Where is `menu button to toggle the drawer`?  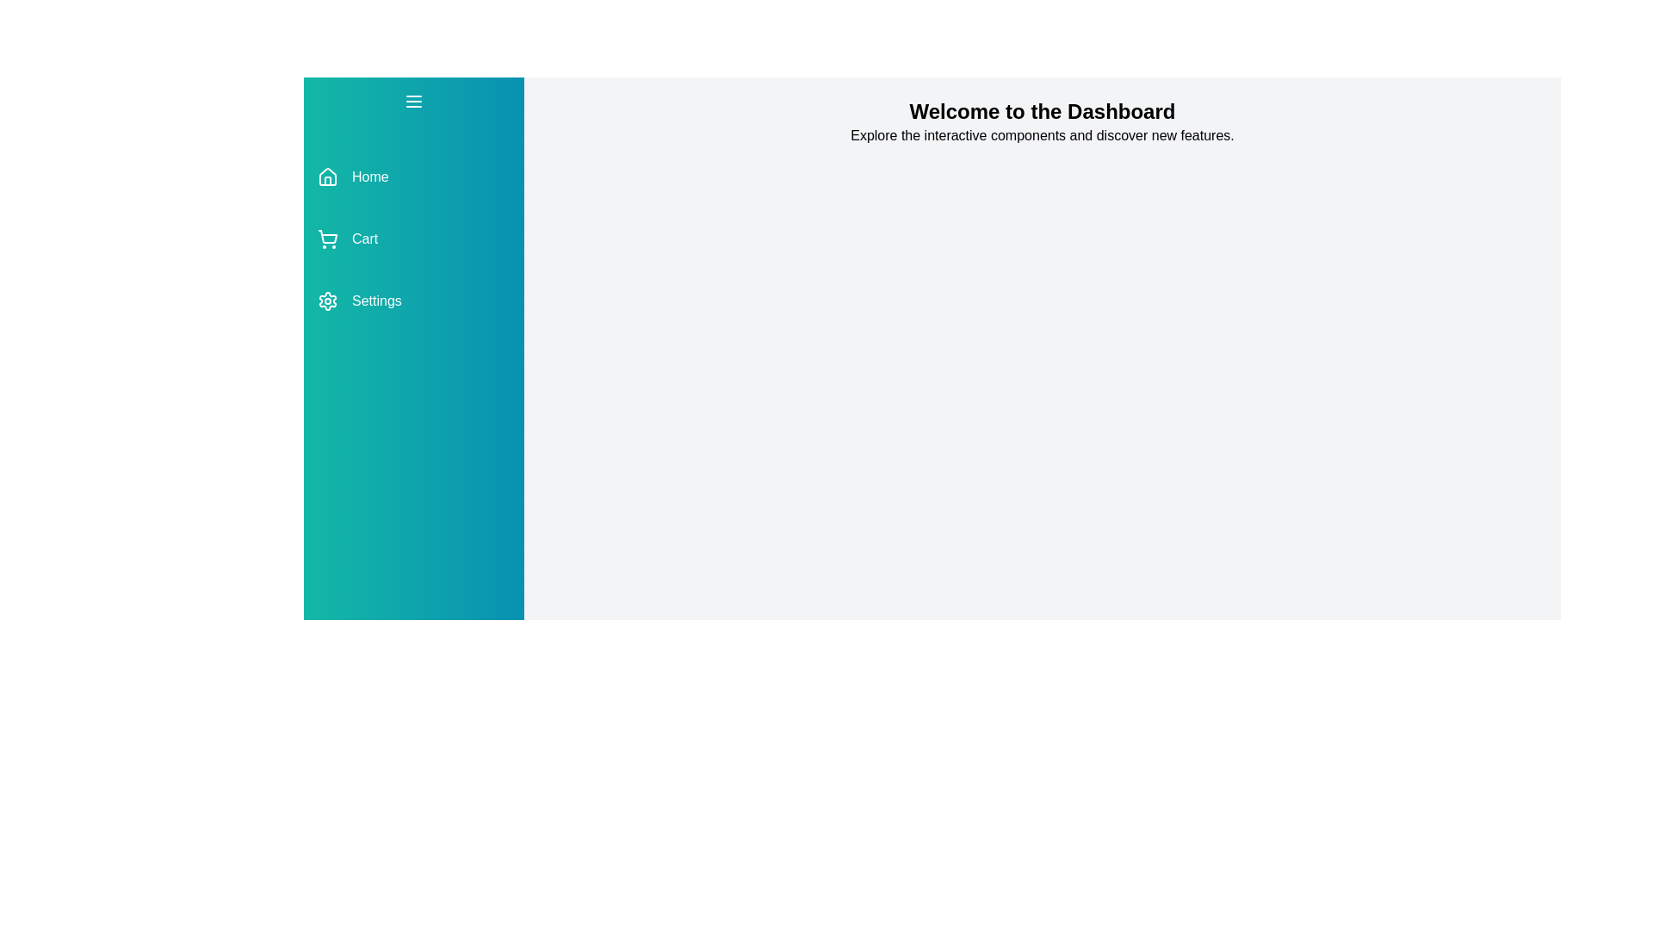 menu button to toggle the drawer is located at coordinates (413, 102).